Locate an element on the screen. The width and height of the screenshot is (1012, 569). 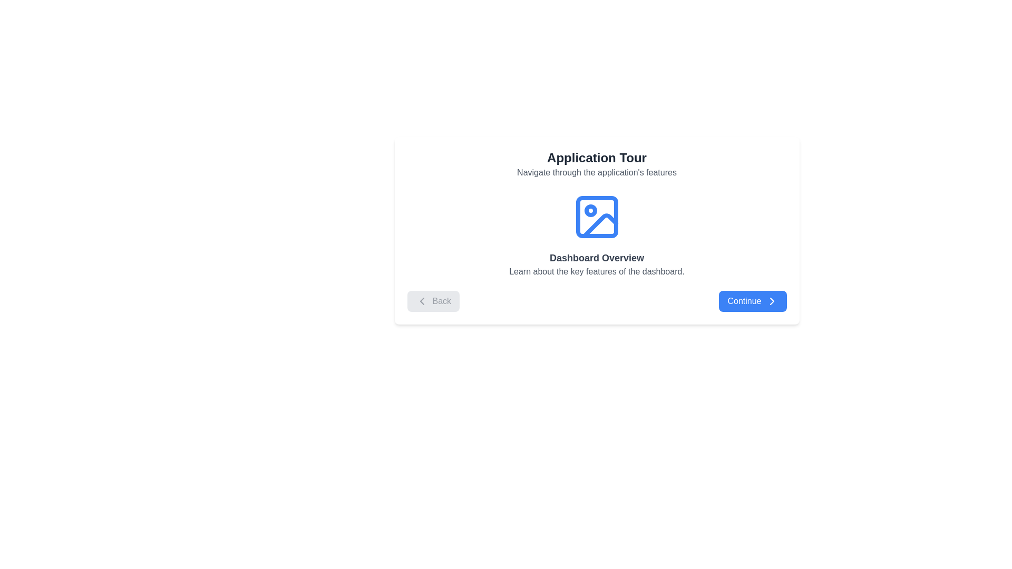
the blue 'Continue' button with rounded corners, which displays white text and a right-facing chevron icon is located at coordinates (752, 301).